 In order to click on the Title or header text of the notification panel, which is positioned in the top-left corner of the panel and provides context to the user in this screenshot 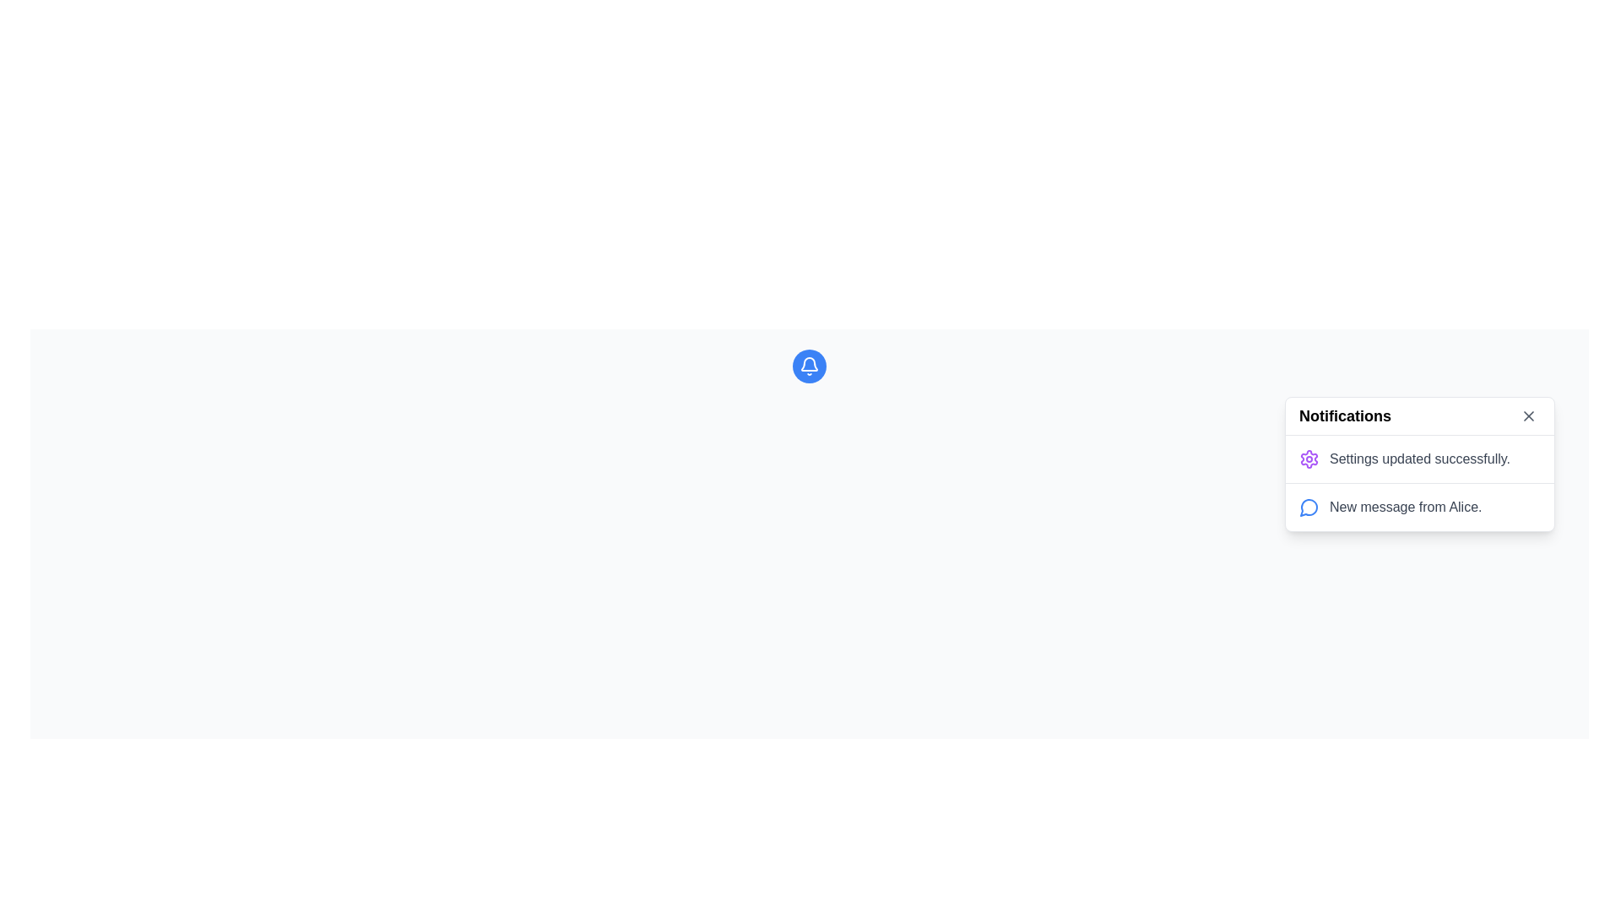, I will do `click(1344, 416)`.